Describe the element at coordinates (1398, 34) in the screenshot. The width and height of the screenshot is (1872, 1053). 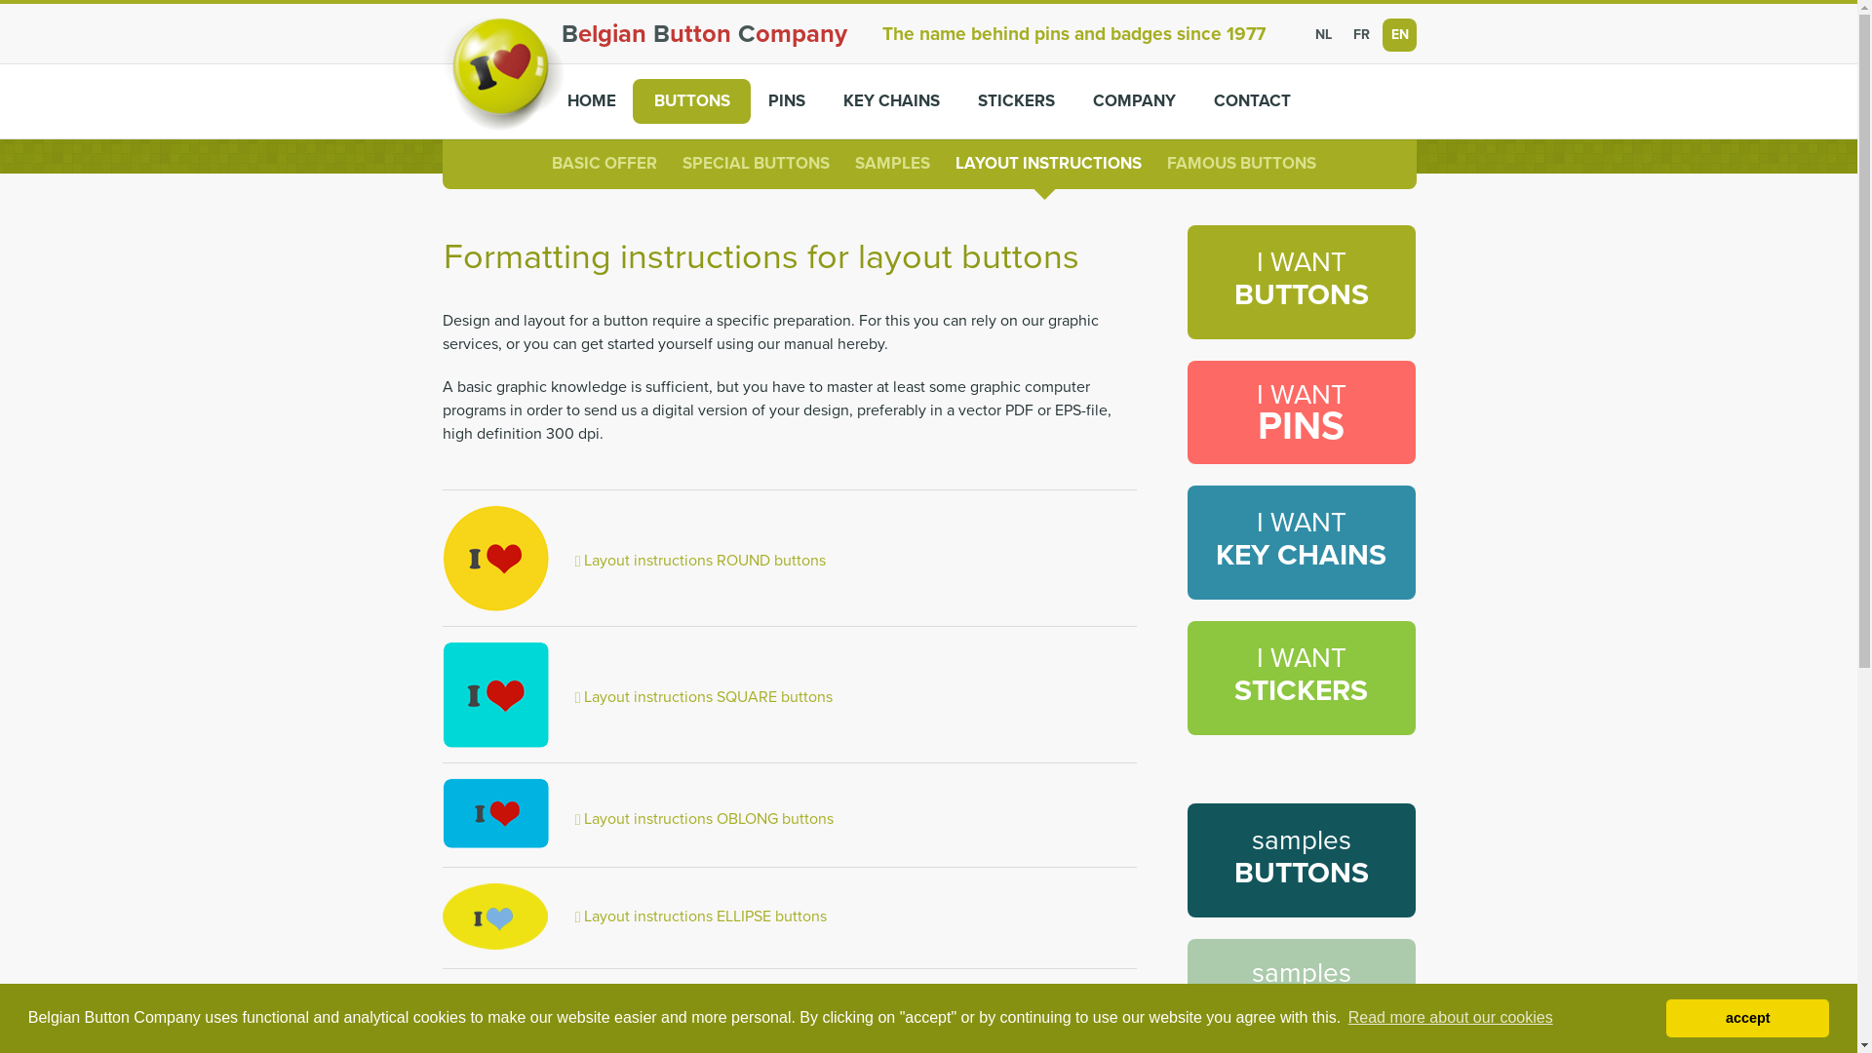
I see `'EN'` at that location.